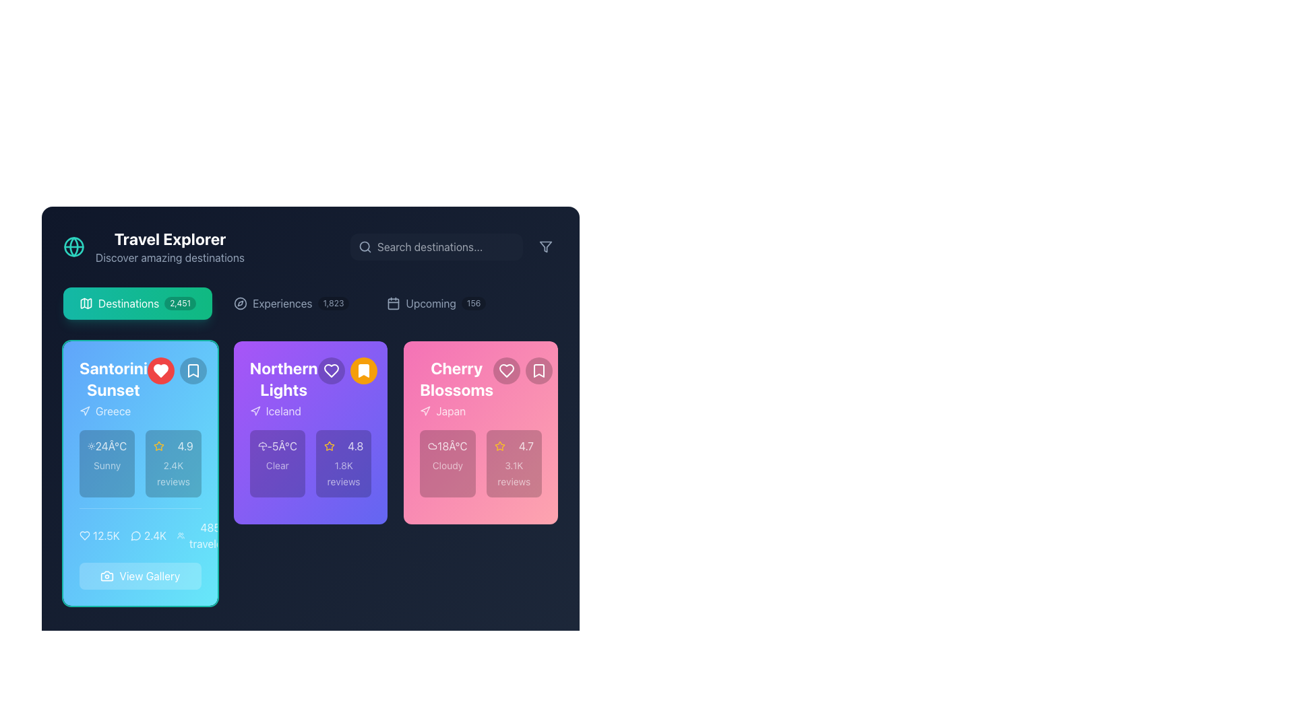  Describe the element at coordinates (456, 379) in the screenshot. I see `the text element reading 'Cherry Blossoms', which is styled in bold, large white font against a pink background, located at the top central area of the pink card labeled 'Cherry Blossoms'` at that location.